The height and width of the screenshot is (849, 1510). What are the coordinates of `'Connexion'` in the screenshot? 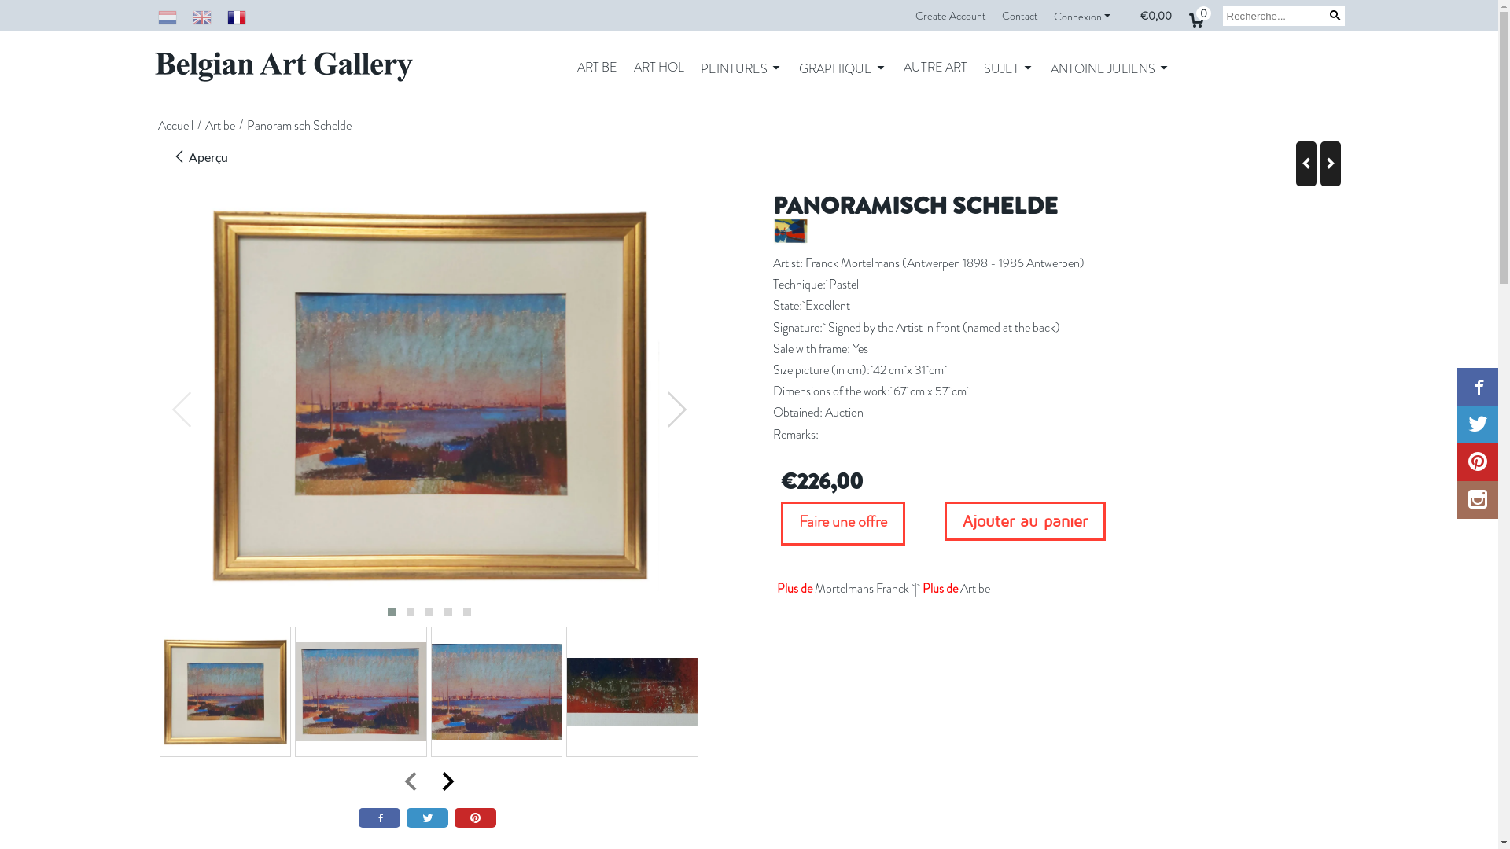 It's located at (1053, 16).